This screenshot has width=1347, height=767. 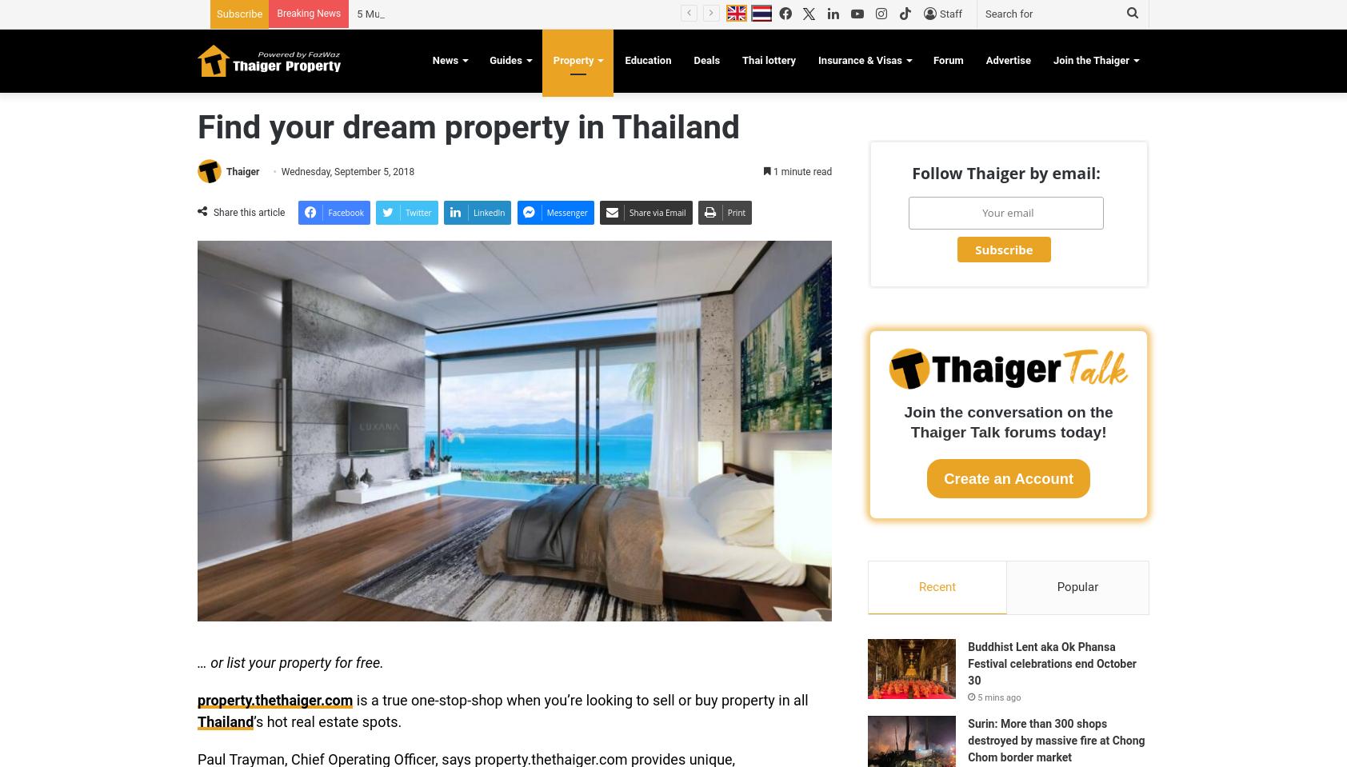 What do you see at coordinates (967, 741) in the screenshot?
I see `'Surin: More than 300 shops destroyed by massive fire at Chong Chom border market'` at bounding box center [967, 741].